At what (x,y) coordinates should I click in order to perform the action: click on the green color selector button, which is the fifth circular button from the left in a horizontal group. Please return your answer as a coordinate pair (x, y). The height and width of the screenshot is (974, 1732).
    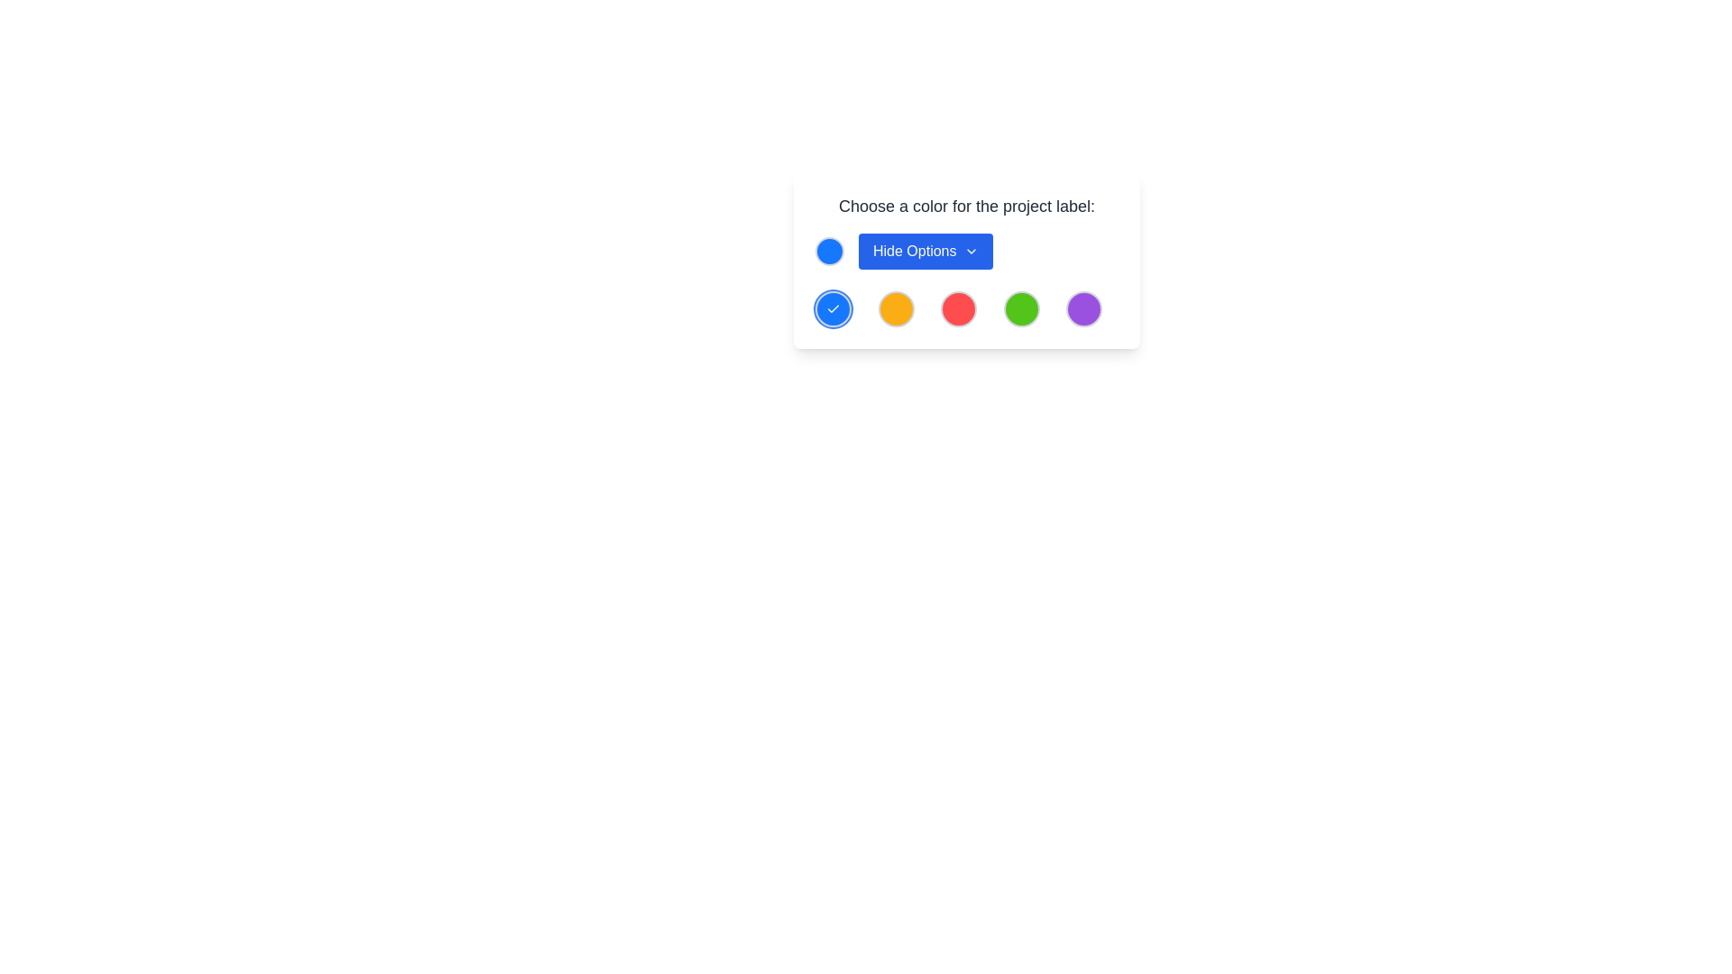
    Looking at the image, I should click on (1021, 308).